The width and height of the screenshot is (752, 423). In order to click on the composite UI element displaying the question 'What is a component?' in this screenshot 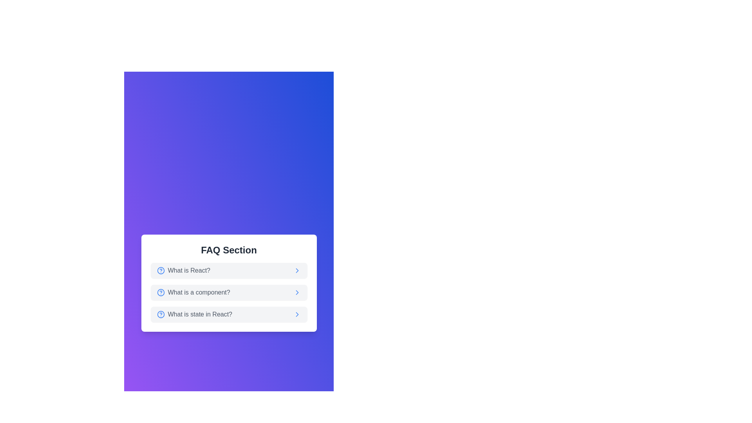, I will do `click(228, 293)`.